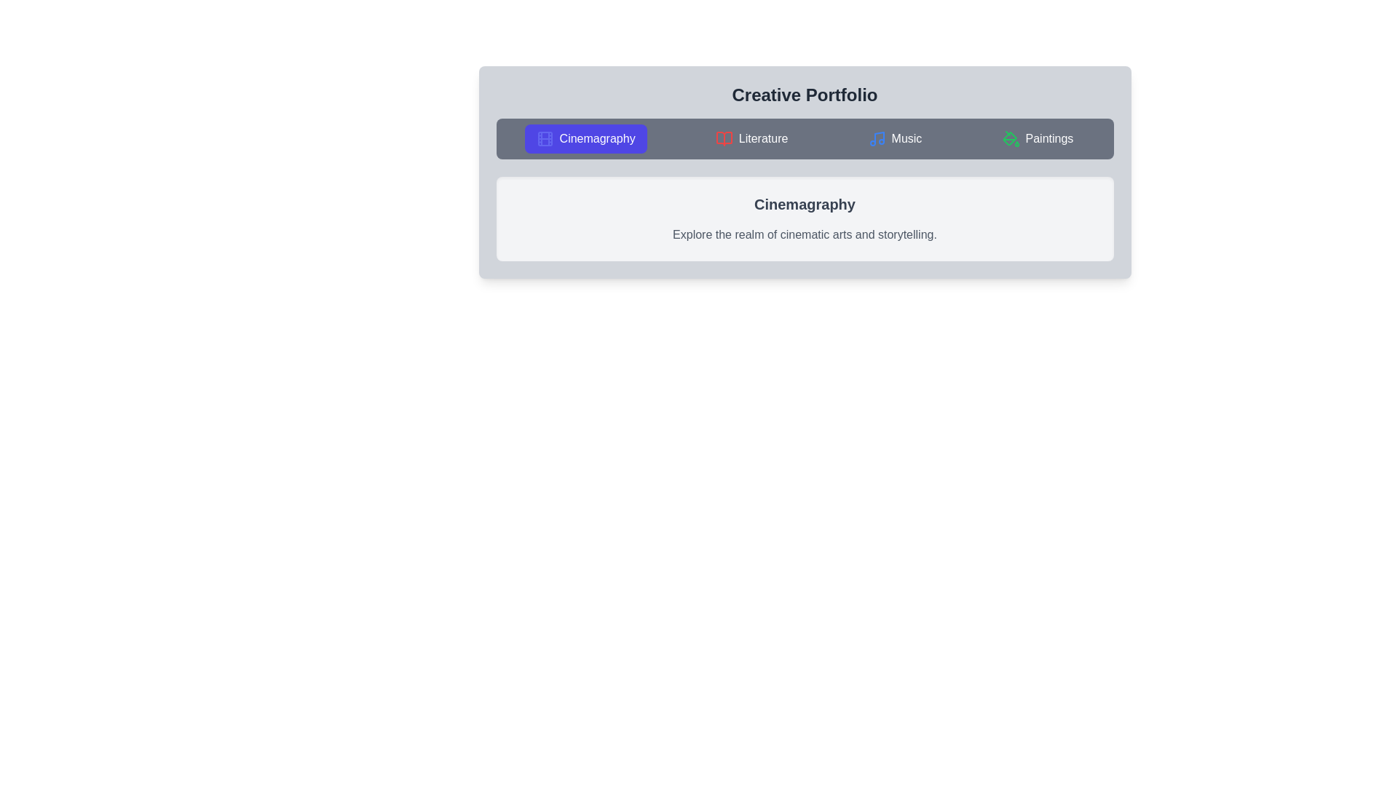 This screenshot has height=786, width=1398. What do you see at coordinates (751, 139) in the screenshot?
I see `the tab labeled Literature to activate it` at bounding box center [751, 139].